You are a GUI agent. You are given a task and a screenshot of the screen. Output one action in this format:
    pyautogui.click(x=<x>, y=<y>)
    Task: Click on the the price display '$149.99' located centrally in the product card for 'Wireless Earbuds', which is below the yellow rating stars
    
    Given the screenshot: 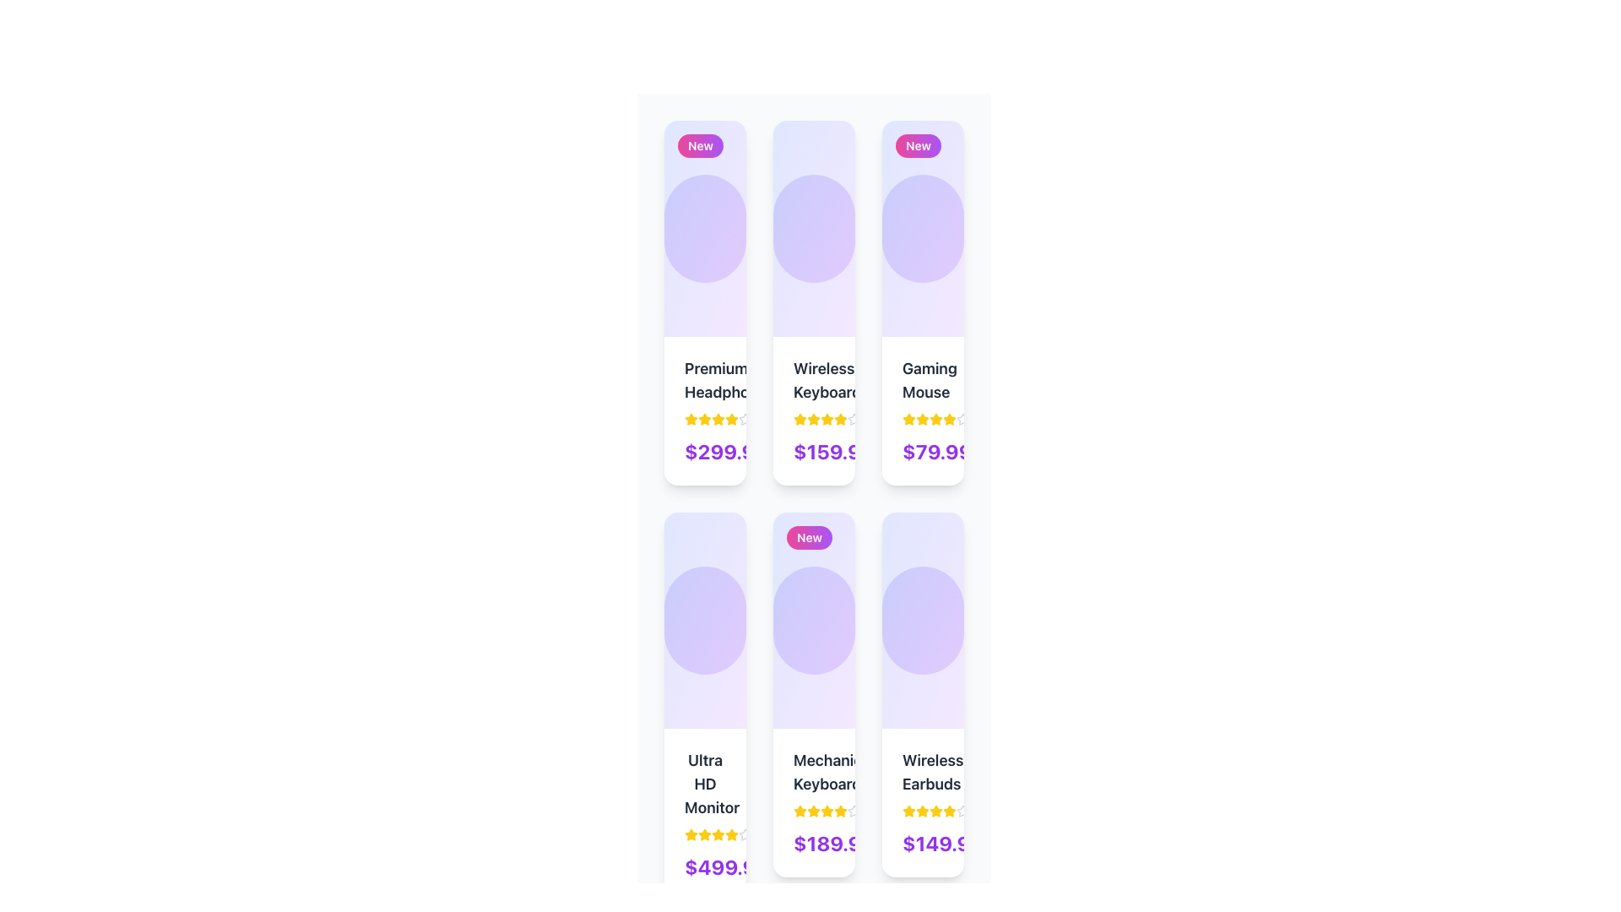 What is the action you would take?
    pyautogui.click(x=922, y=844)
    